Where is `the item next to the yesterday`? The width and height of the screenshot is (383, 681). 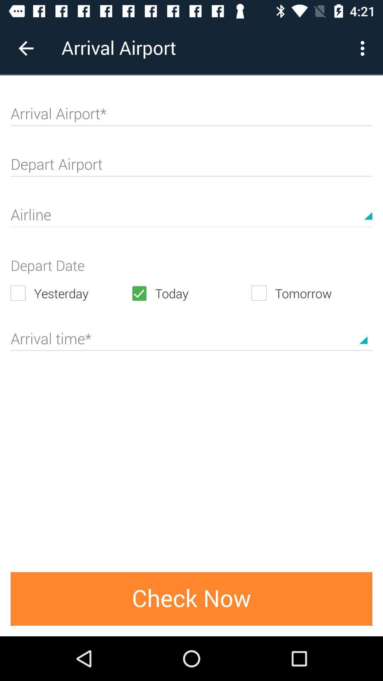
the item next to the yesterday is located at coordinates (191, 293).